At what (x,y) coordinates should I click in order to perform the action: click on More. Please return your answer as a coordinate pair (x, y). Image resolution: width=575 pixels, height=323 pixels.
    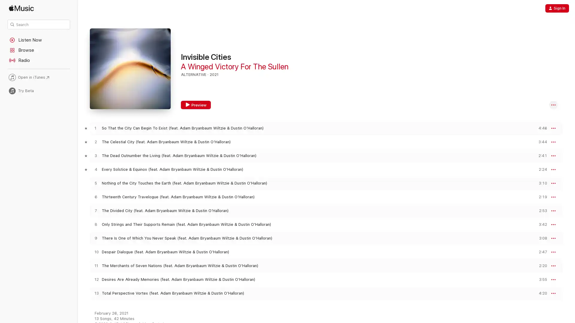
    Looking at the image, I should click on (553, 197).